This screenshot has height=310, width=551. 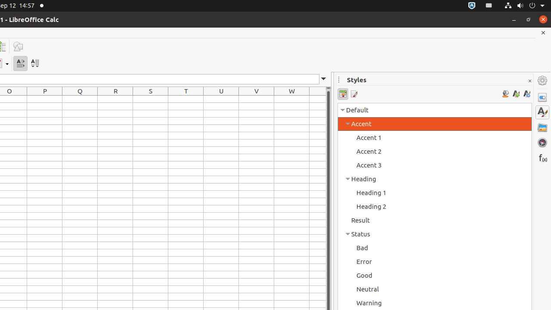 What do you see at coordinates (80, 99) in the screenshot?
I see `'Q1'` at bounding box center [80, 99].